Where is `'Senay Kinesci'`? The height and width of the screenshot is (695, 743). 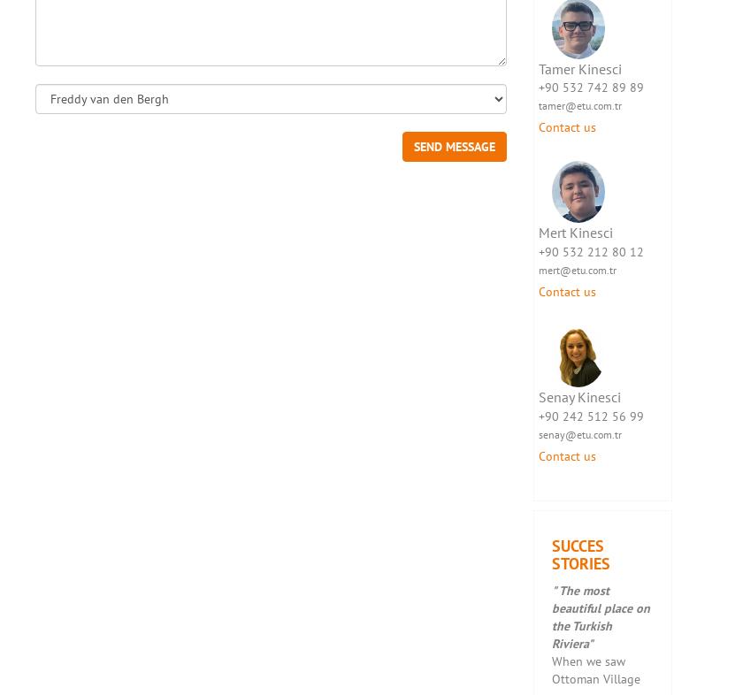 'Senay Kinesci' is located at coordinates (537, 395).